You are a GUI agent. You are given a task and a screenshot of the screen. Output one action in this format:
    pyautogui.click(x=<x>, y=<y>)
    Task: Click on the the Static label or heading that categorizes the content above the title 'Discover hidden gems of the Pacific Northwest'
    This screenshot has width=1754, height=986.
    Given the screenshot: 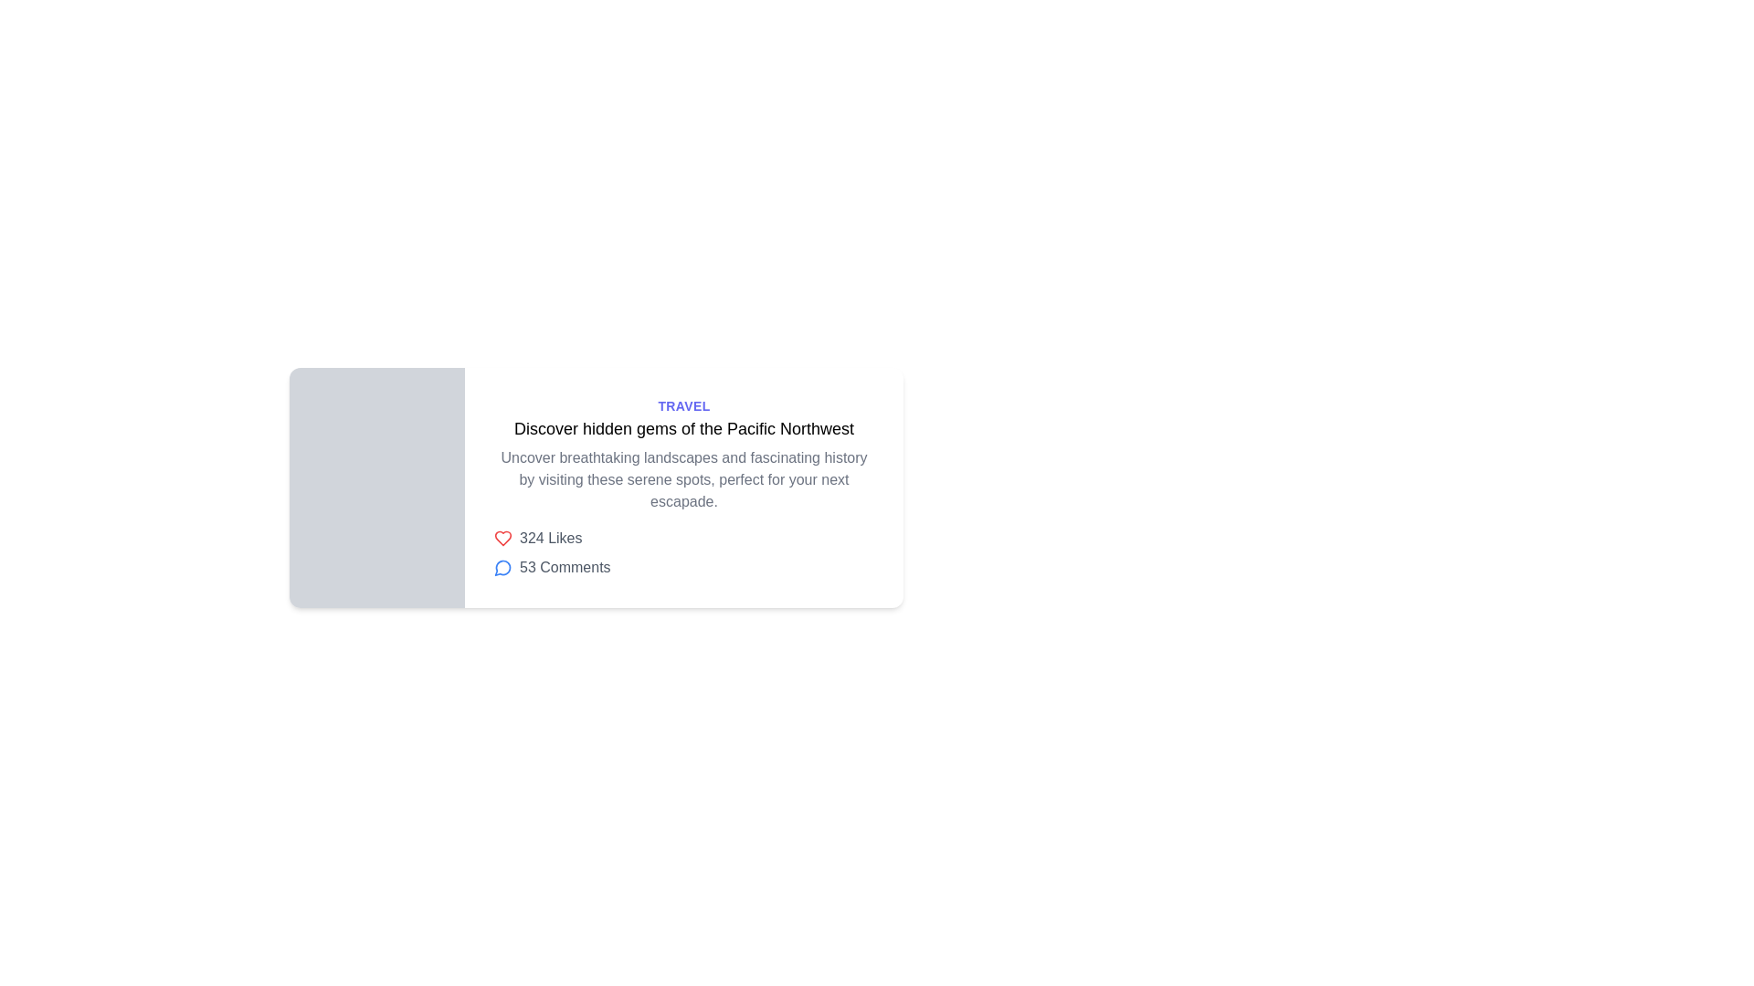 What is the action you would take?
    pyautogui.click(x=682, y=404)
    